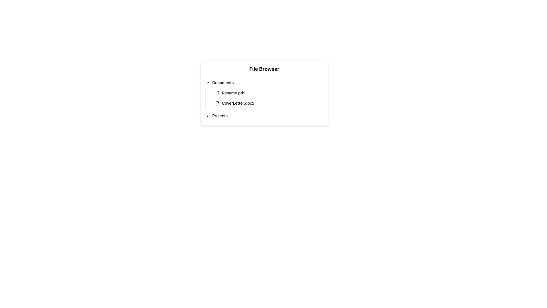 The image size is (547, 308). Describe the element at coordinates (269, 93) in the screenshot. I see `to select the 'Resume.pdf' file entry, which is the first item in the list of documents under the 'Documents' section in the file browser` at that location.